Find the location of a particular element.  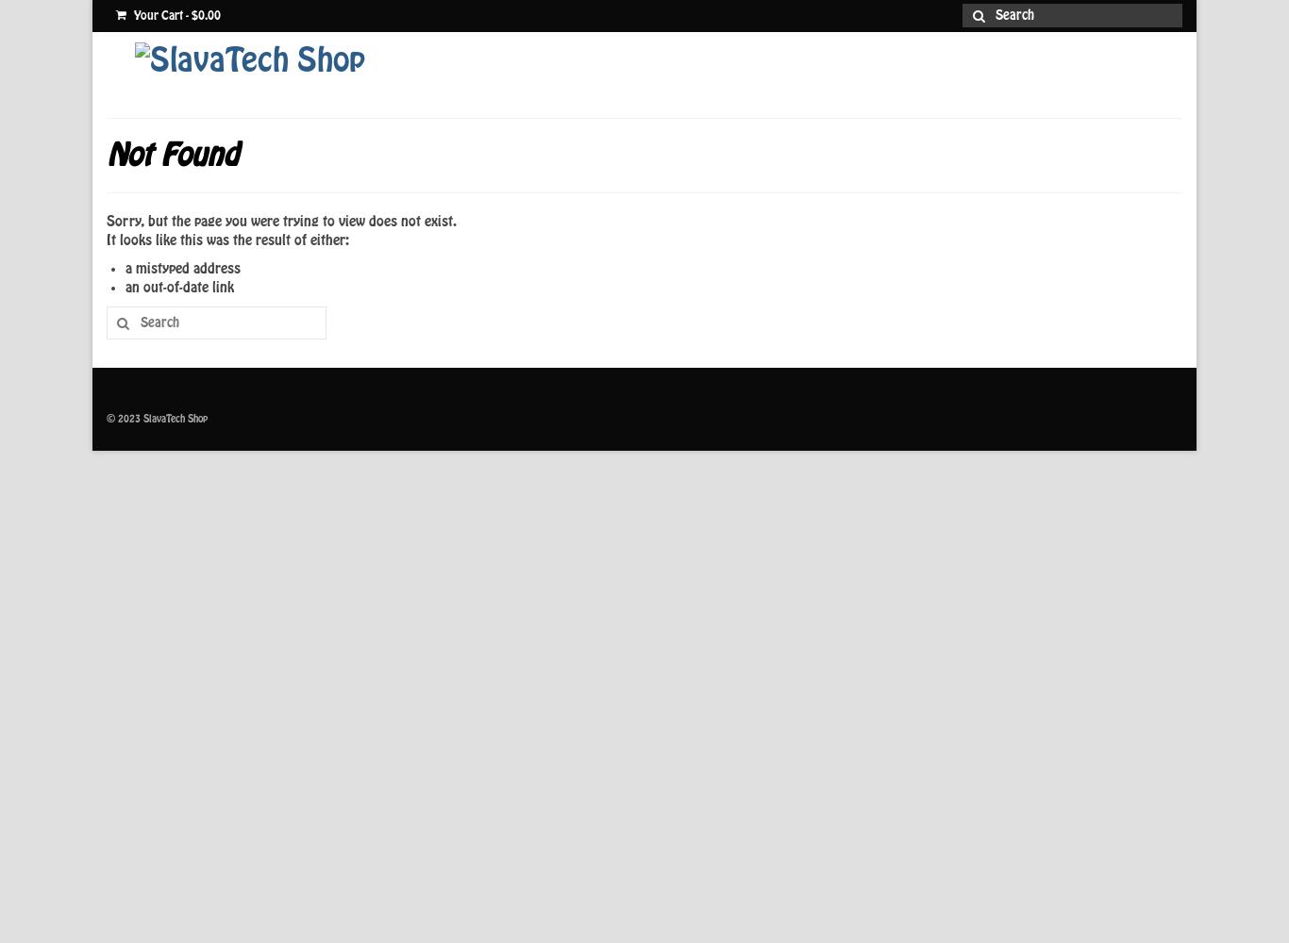

'It looks like this was the result of either:' is located at coordinates (227, 240).